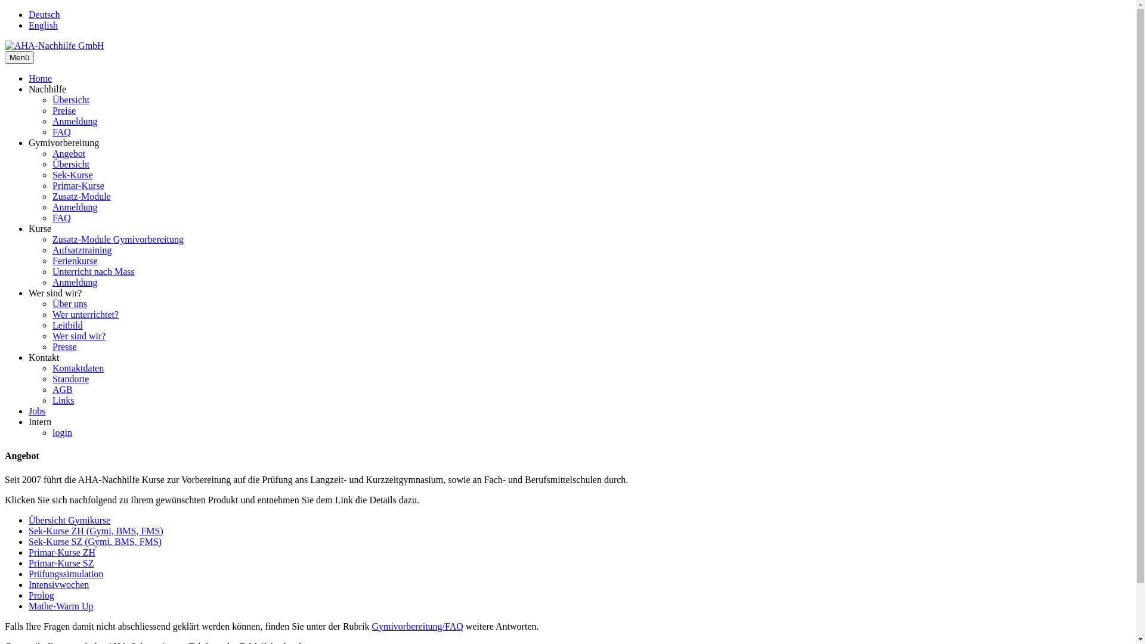 This screenshot has height=644, width=1145. Describe the element at coordinates (62, 400) in the screenshot. I see `'Links'` at that location.